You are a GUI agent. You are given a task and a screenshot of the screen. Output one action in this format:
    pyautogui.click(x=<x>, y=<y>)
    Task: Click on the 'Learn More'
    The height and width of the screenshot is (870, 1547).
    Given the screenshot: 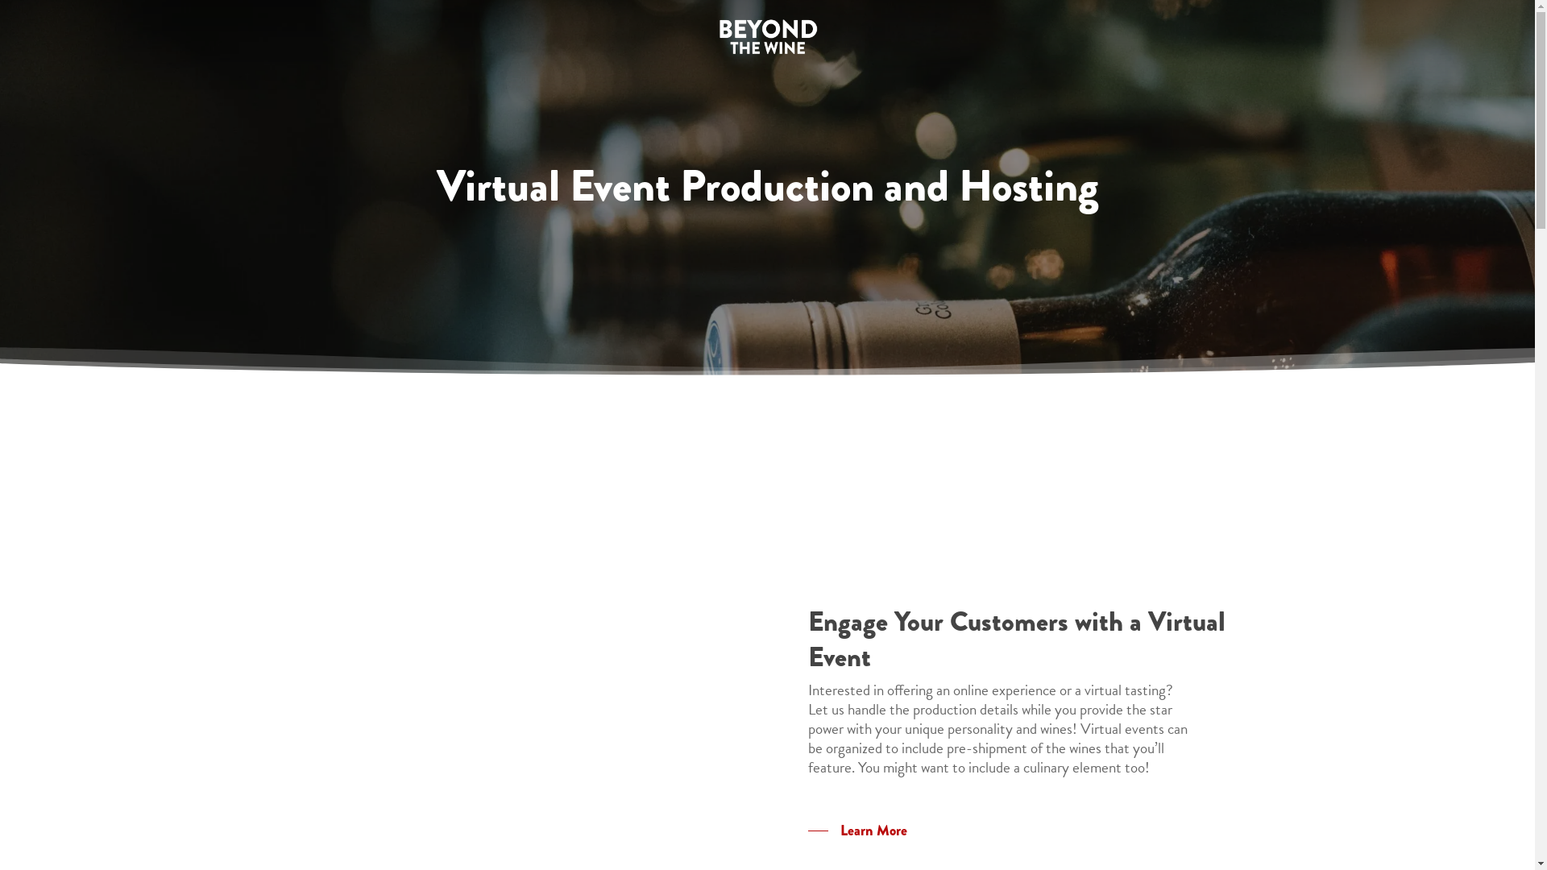 What is the action you would take?
    pyautogui.click(x=856, y=830)
    